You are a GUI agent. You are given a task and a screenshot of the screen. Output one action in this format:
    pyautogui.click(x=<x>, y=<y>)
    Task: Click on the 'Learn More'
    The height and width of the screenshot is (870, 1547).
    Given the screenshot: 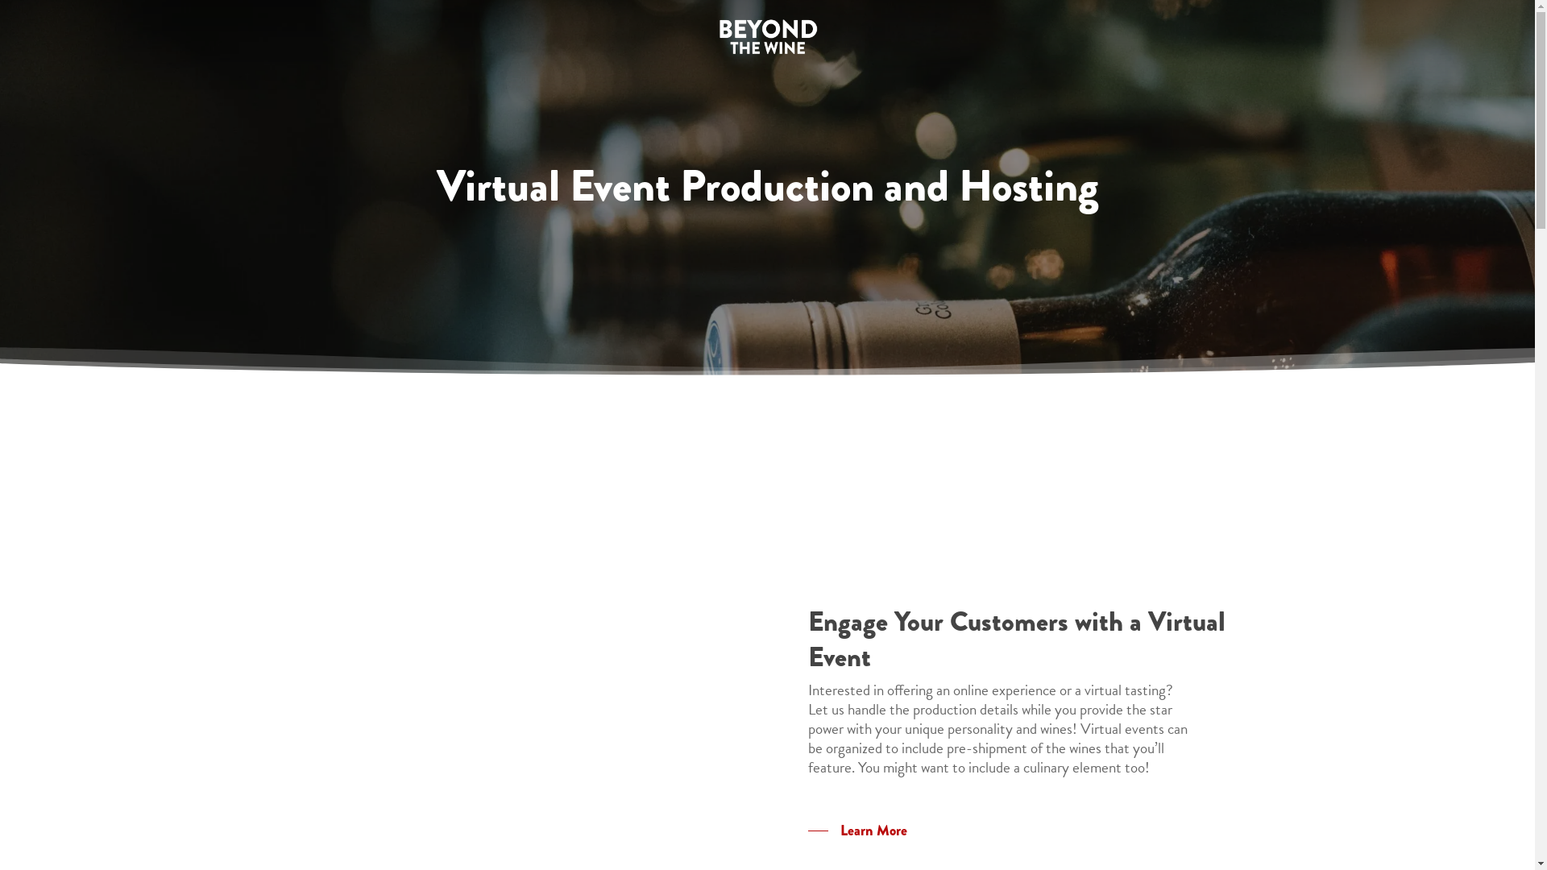 What is the action you would take?
    pyautogui.click(x=856, y=830)
    